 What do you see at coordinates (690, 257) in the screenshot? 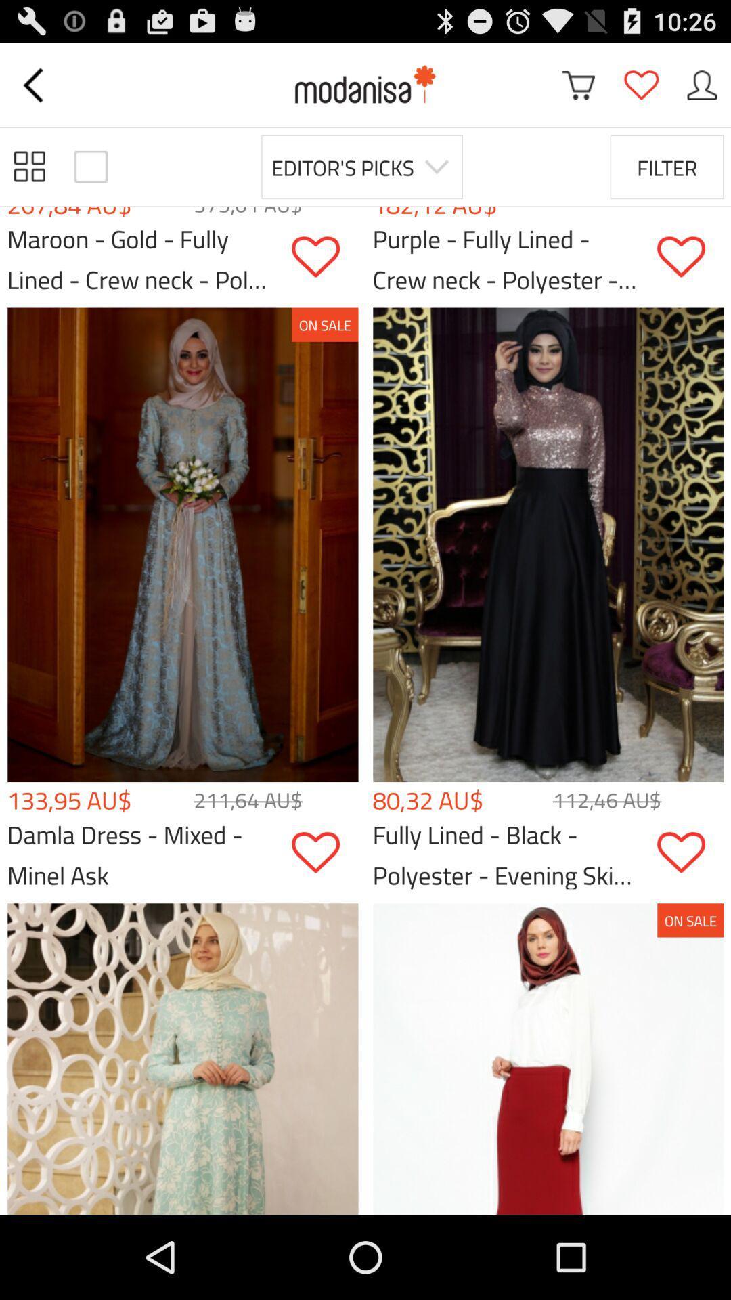
I see `this dress` at bounding box center [690, 257].